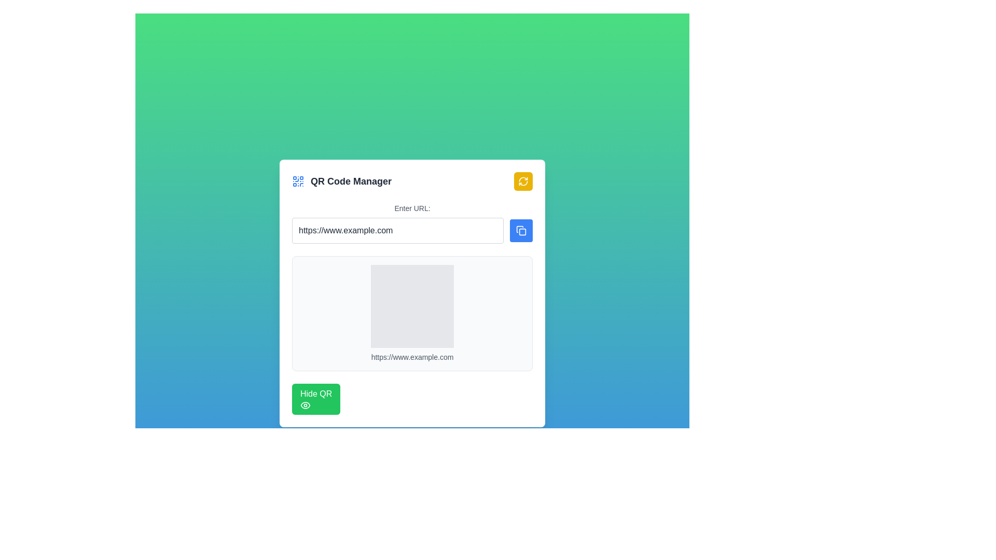  What do you see at coordinates (412, 208) in the screenshot?
I see `the 'Enter URL:' label, which is displayed in medium gray font and is positioned at the top of the QR Code Manager interface above the URL input field` at bounding box center [412, 208].